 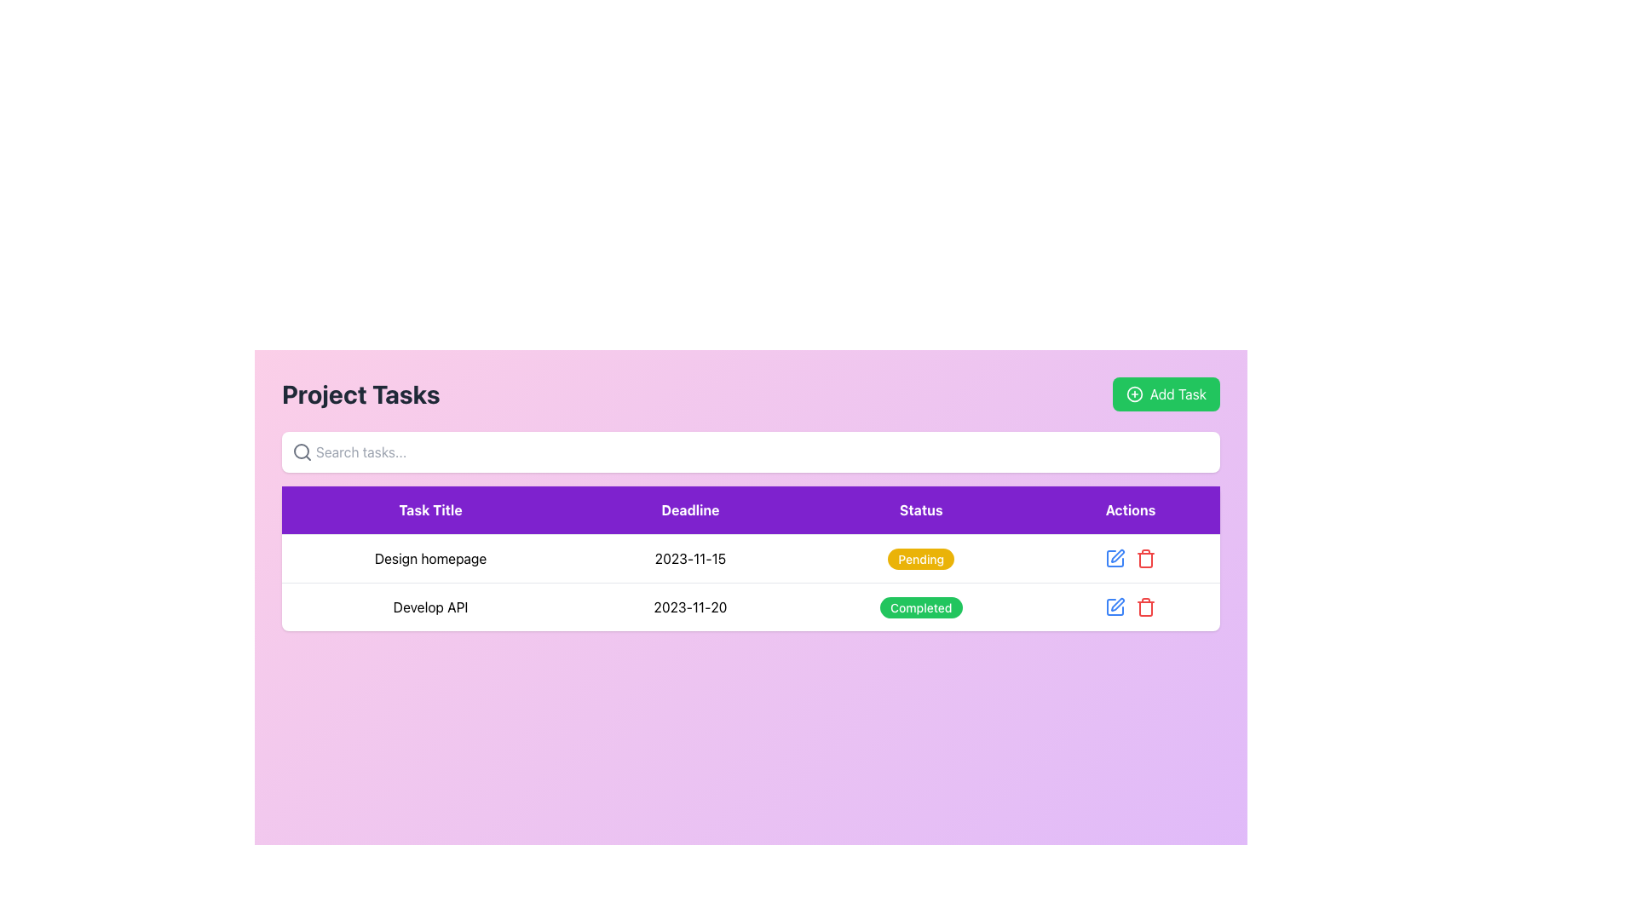 I want to click on the green 'Completed' badge in the 'Status' column of the task labeled 'Develop API', so click(x=920, y=606).